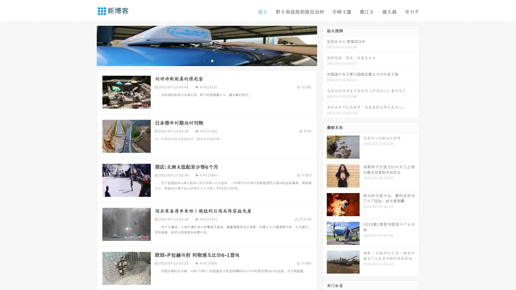 The width and height of the screenshot is (516, 290). What do you see at coordinates (89, 45) in the screenshot?
I see `Previous slide` at bounding box center [89, 45].